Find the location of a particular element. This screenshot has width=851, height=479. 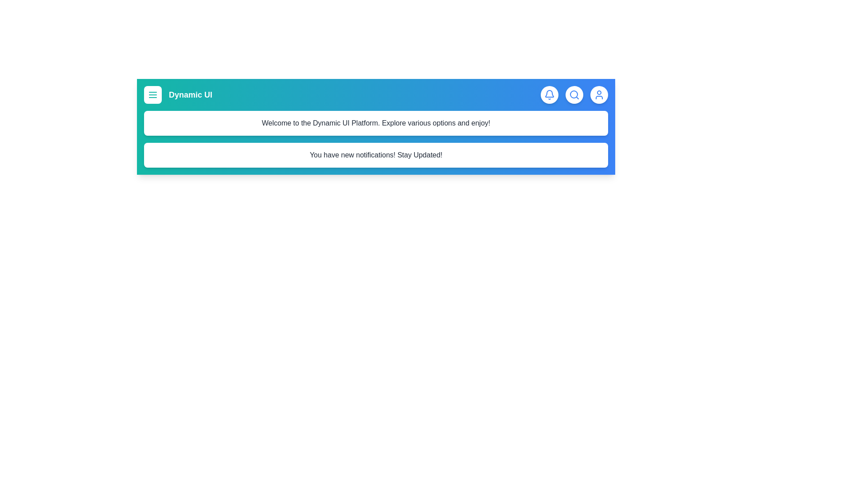

the menu icon to toggle the menu visibility is located at coordinates (153, 94).